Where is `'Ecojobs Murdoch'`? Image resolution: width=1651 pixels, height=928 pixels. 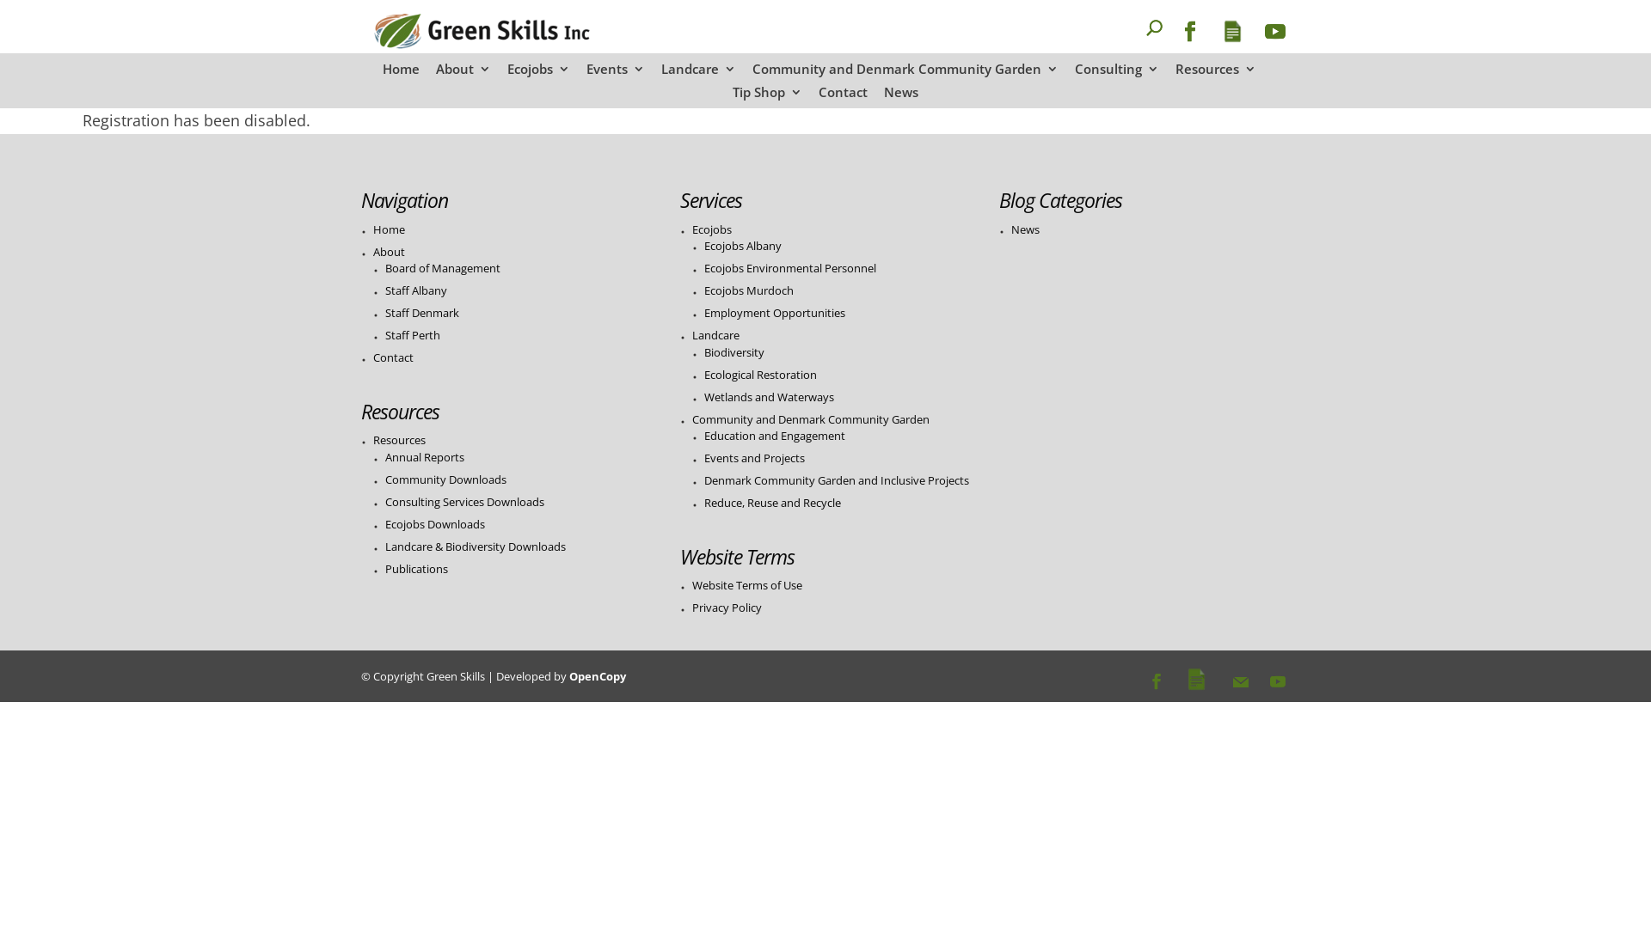 'Ecojobs Murdoch' is located at coordinates (748, 290).